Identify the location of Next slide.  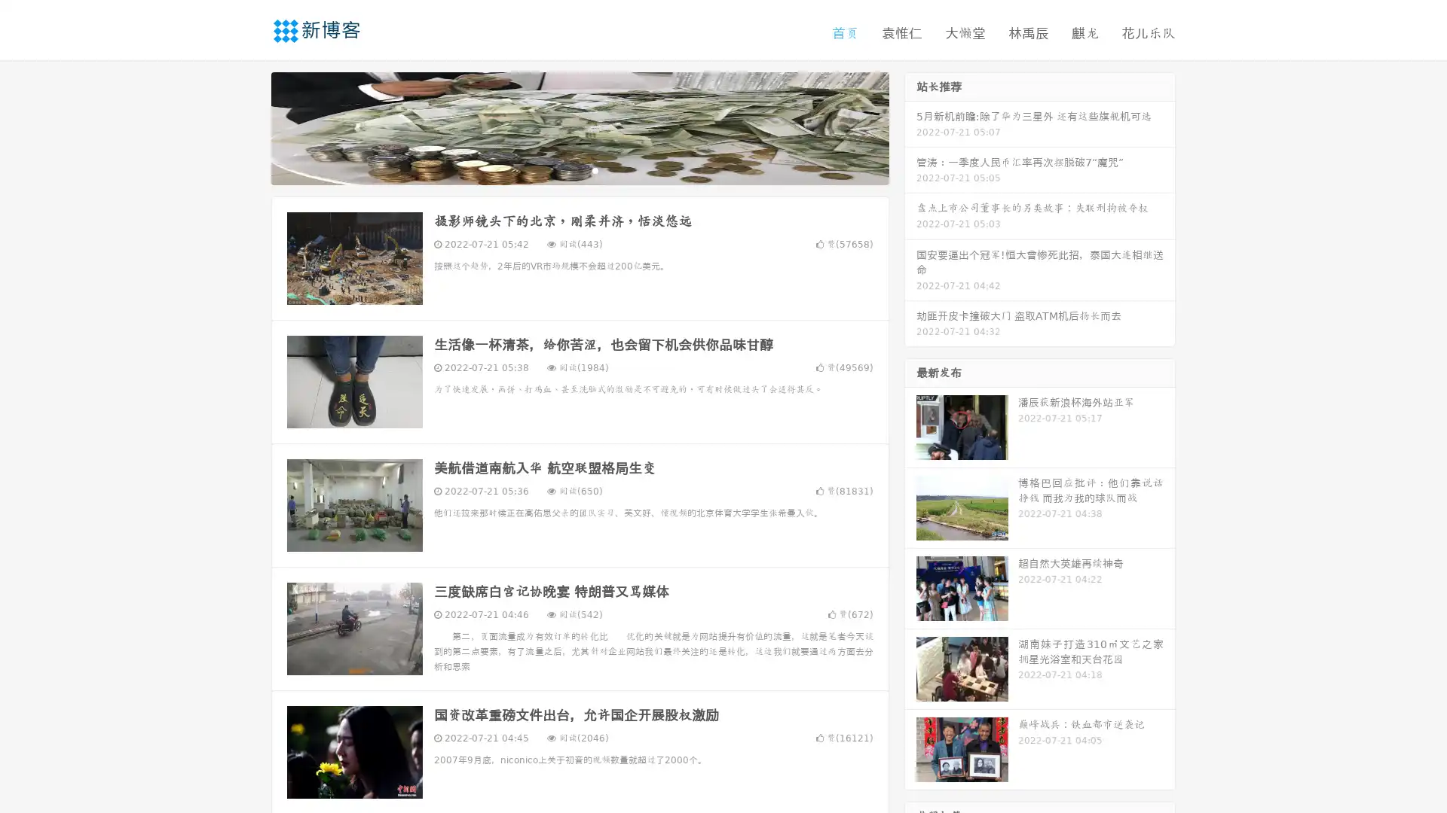
(910, 126).